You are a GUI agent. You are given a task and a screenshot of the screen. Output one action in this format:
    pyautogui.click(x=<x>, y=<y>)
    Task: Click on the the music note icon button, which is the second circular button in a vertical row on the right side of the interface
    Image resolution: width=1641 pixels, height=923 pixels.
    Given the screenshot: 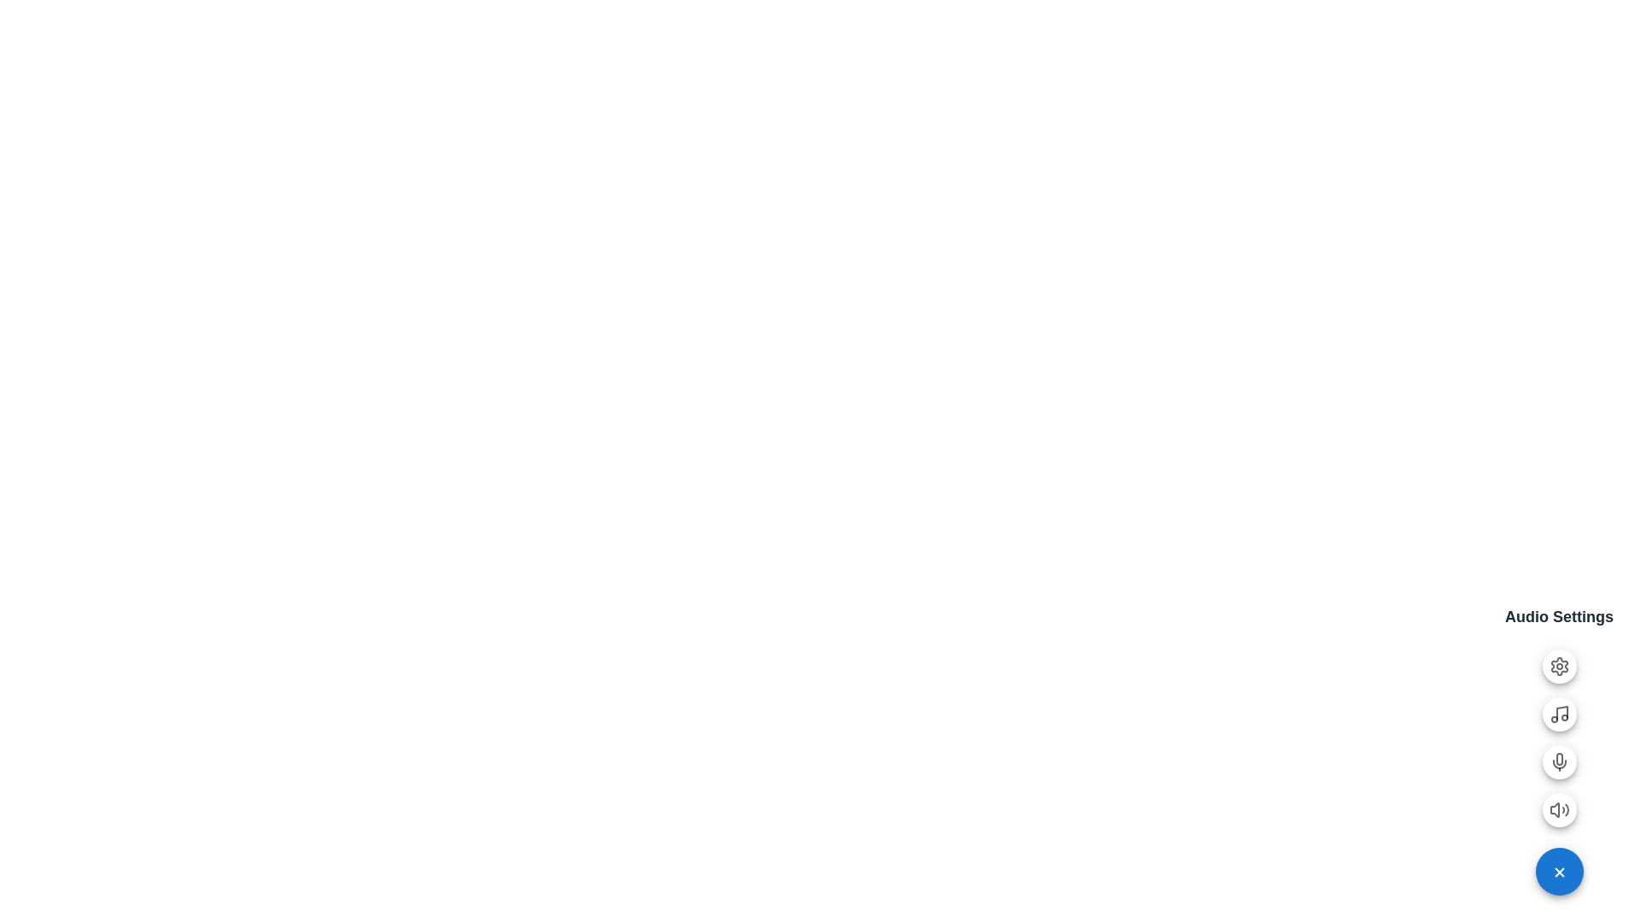 What is the action you would take?
    pyautogui.click(x=1559, y=714)
    